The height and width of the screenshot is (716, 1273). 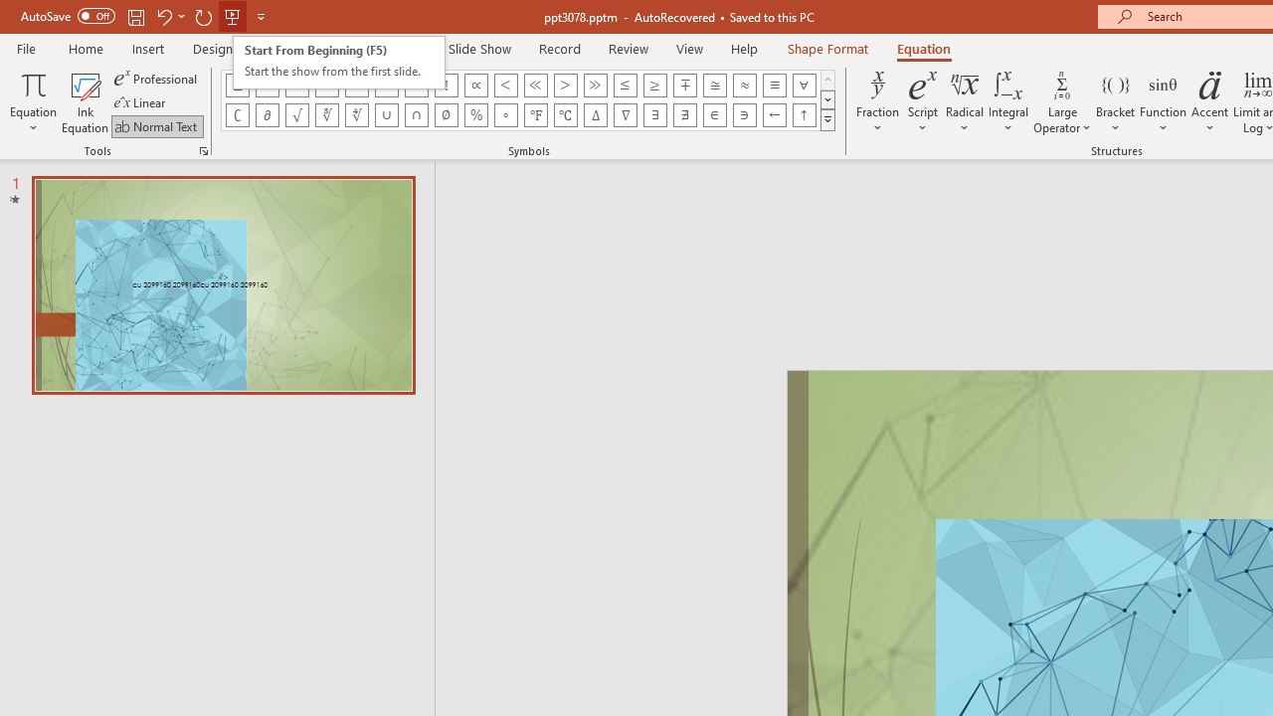 What do you see at coordinates (529, 99) in the screenshot?
I see `'AutomationID: EquationSymbolsInsertGallery'` at bounding box center [529, 99].